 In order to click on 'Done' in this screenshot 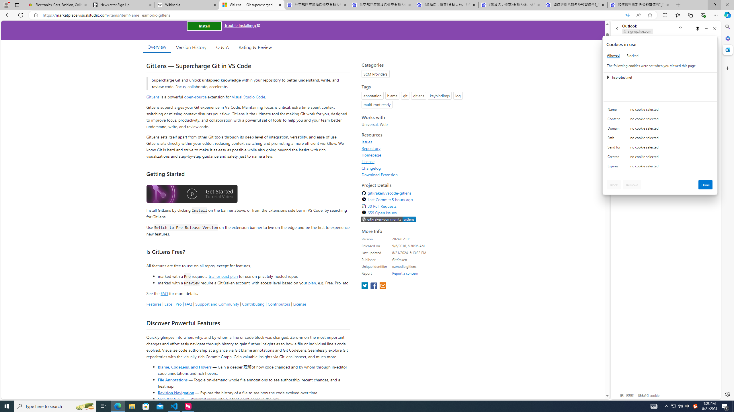, I will do `click(706, 185)`.